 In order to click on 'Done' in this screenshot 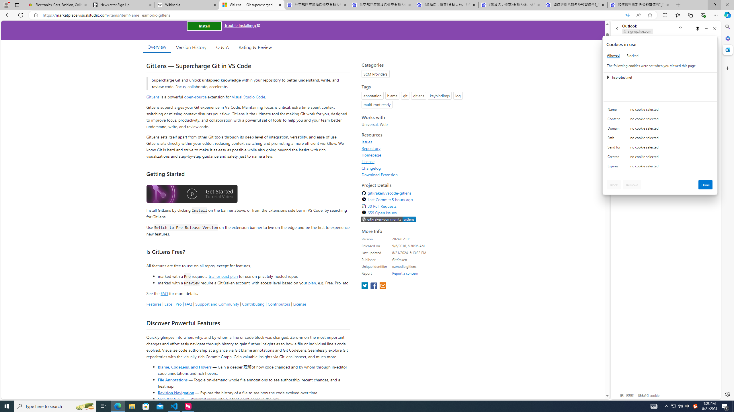, I will do `click(706, 185)`.